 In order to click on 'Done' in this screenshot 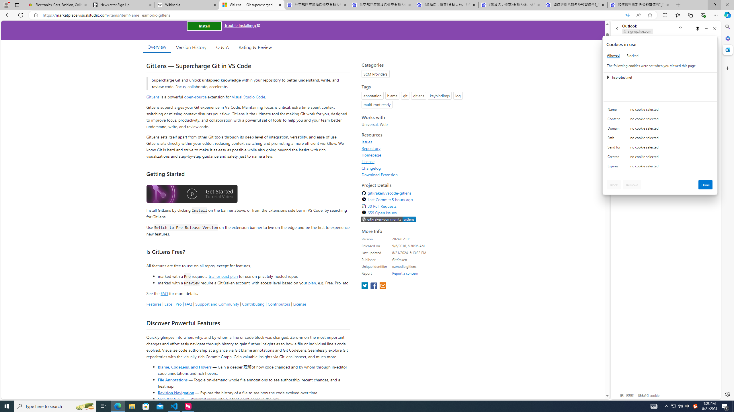, I will do `click(706, 185)`.